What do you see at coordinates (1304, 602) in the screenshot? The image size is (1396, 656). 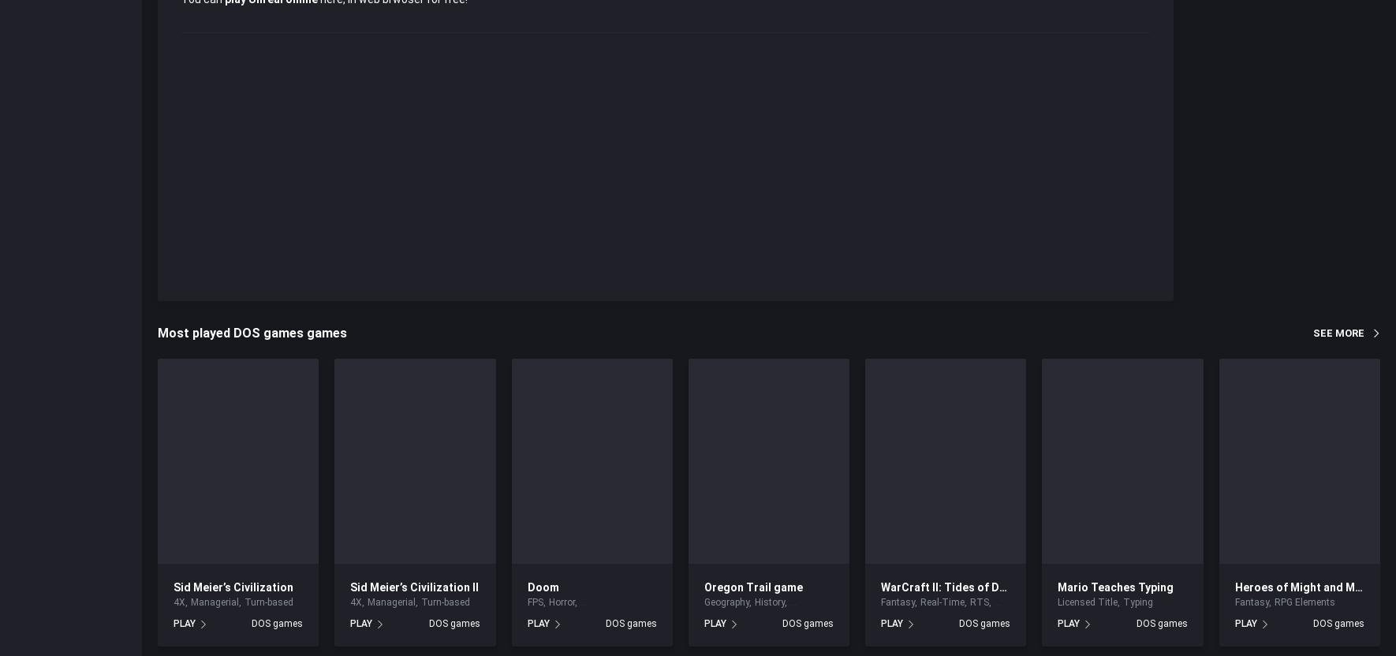 I see `'RPG Elements'` at bounding box center [1304, 602].